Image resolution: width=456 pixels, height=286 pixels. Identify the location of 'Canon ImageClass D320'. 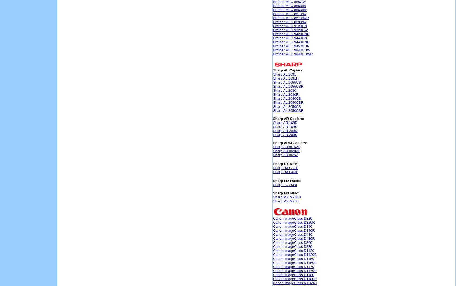
(273, 218).